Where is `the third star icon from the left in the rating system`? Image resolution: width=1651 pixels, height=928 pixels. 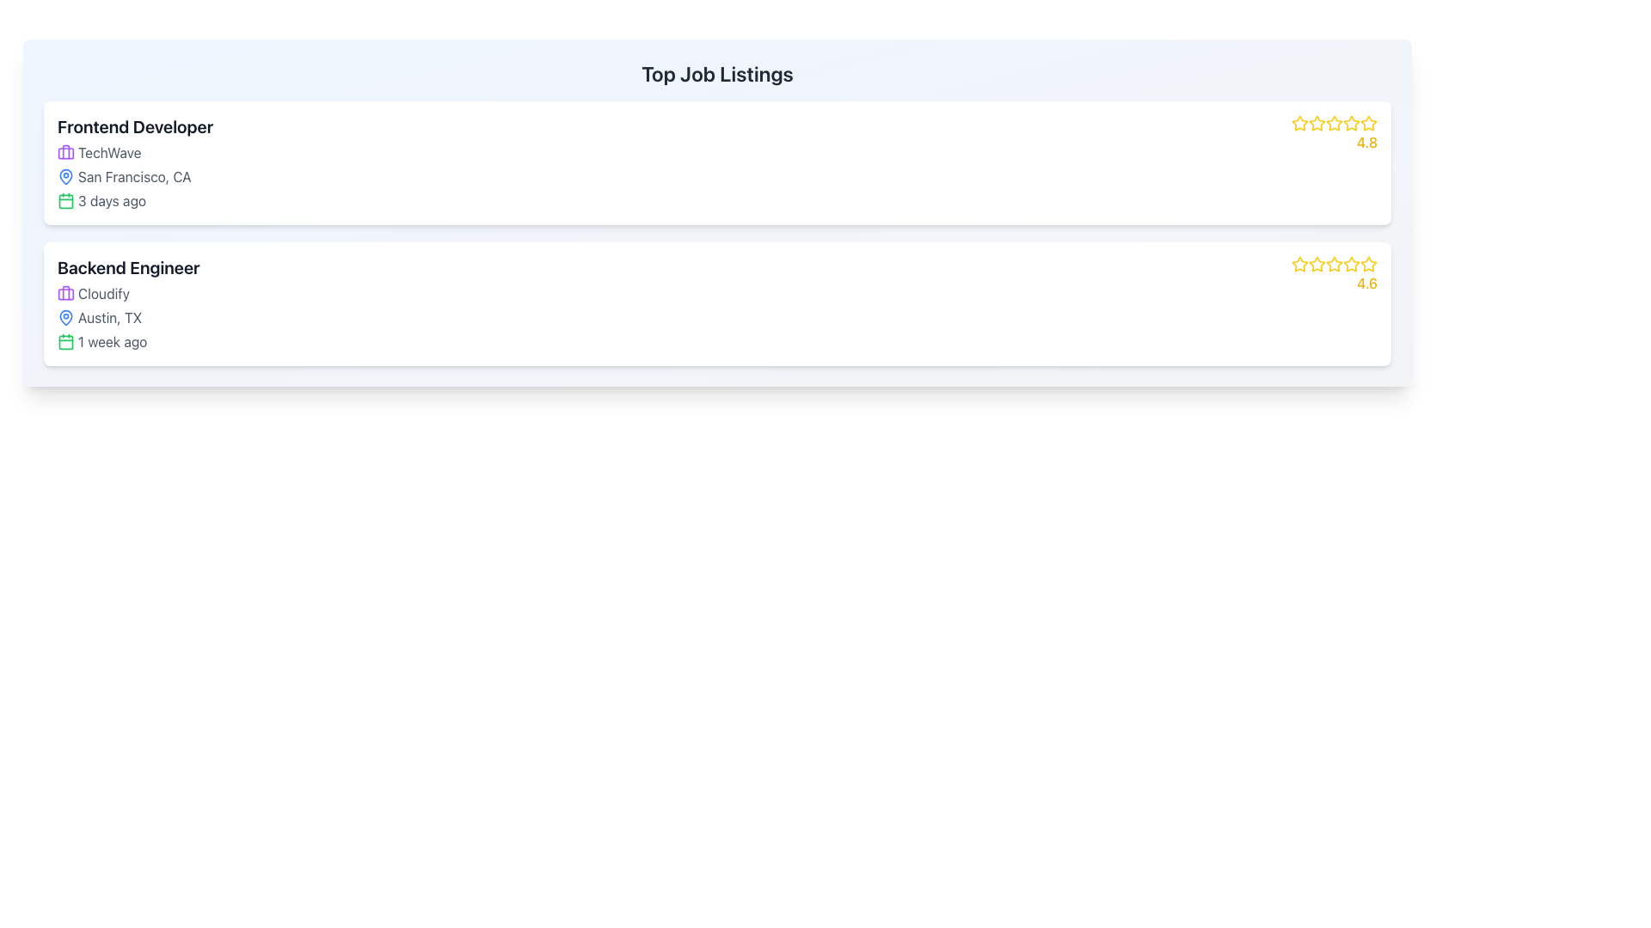
the third star icon from the left in the rating system is located at coordinates (1316, 122).